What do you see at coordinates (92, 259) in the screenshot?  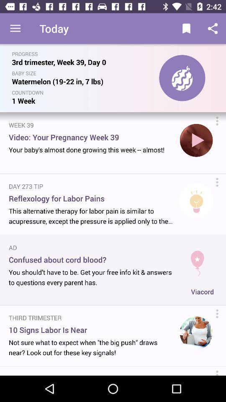 I see `the confused about cord item` at bounding box center [92, 259].